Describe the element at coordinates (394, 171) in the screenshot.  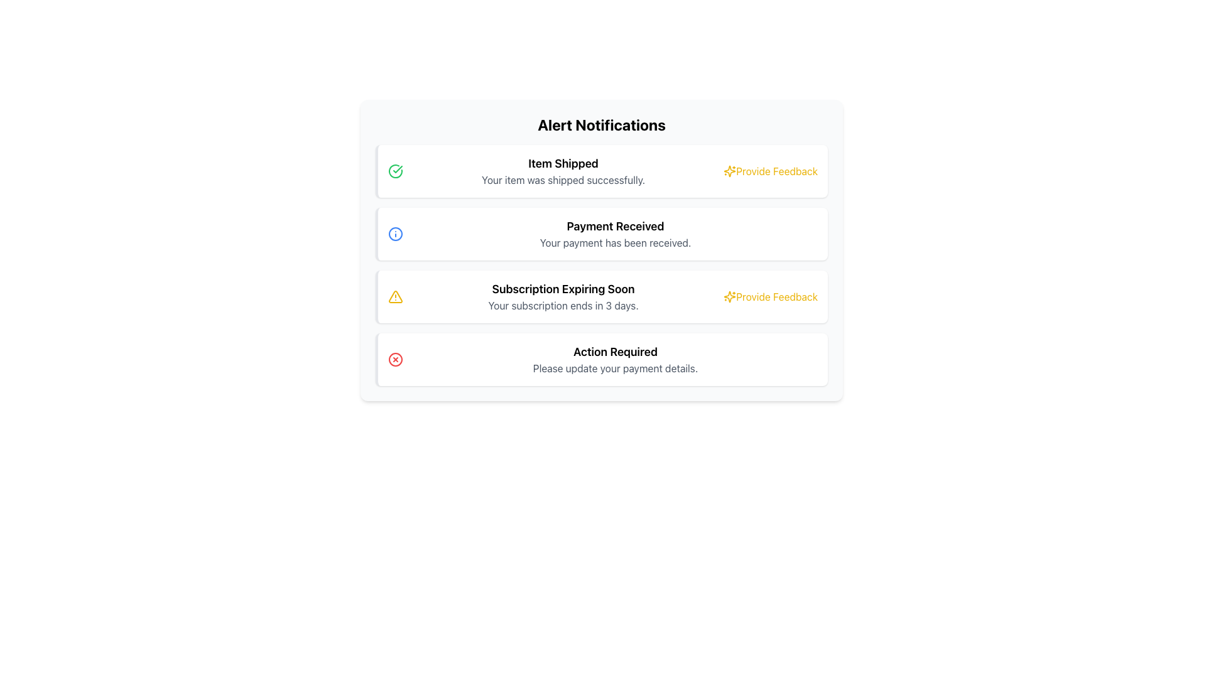
I see `the circular green icon with a white checkmark in the notification panel indicating a successful operation for 'Item Shipped'` at that location.